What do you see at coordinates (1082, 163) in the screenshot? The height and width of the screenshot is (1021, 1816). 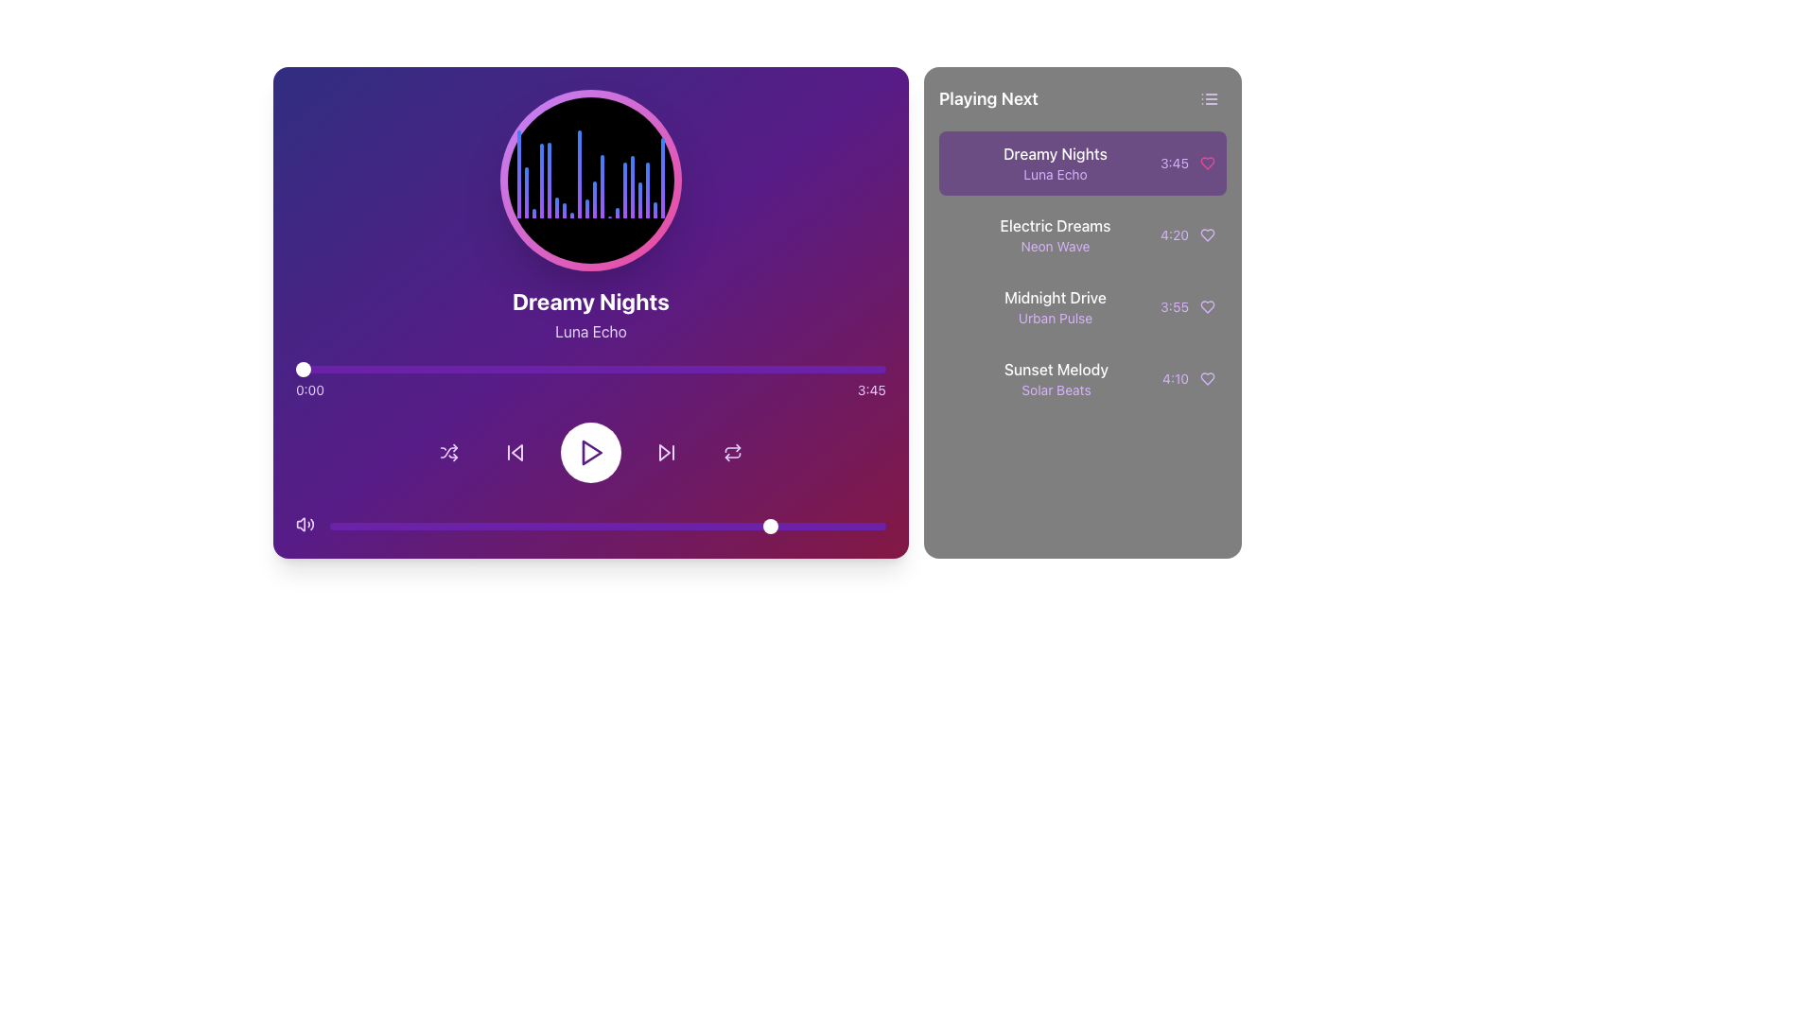 I see `the first song entry in the 'Playing Next' playlist` at bounding box center [1082, 163].